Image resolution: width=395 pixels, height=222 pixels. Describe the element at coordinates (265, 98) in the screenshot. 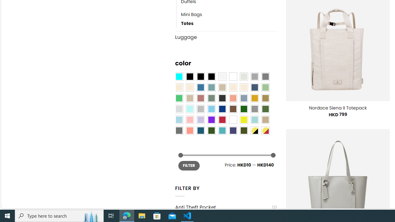

I see `'Kelp'` at that location.